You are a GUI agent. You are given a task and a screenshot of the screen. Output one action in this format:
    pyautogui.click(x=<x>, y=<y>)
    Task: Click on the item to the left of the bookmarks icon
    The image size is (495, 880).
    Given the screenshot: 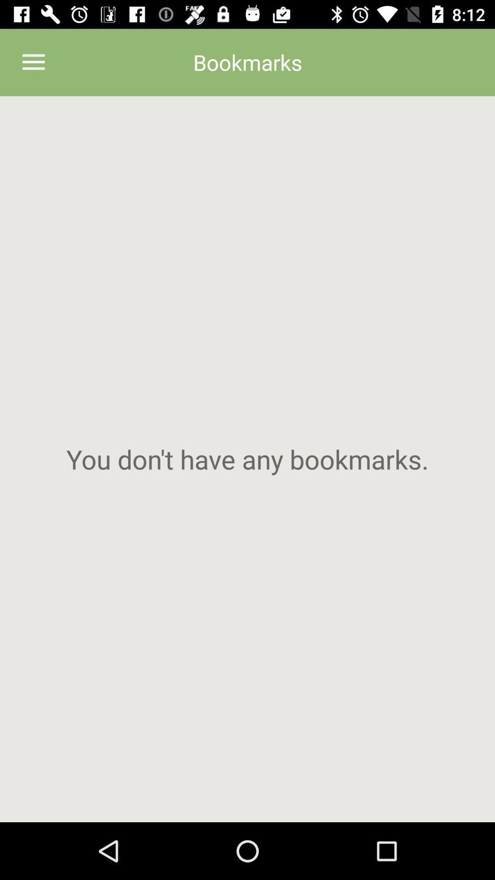 What is the action you would take?
    pyautogui.click(x=33, y=62)
    